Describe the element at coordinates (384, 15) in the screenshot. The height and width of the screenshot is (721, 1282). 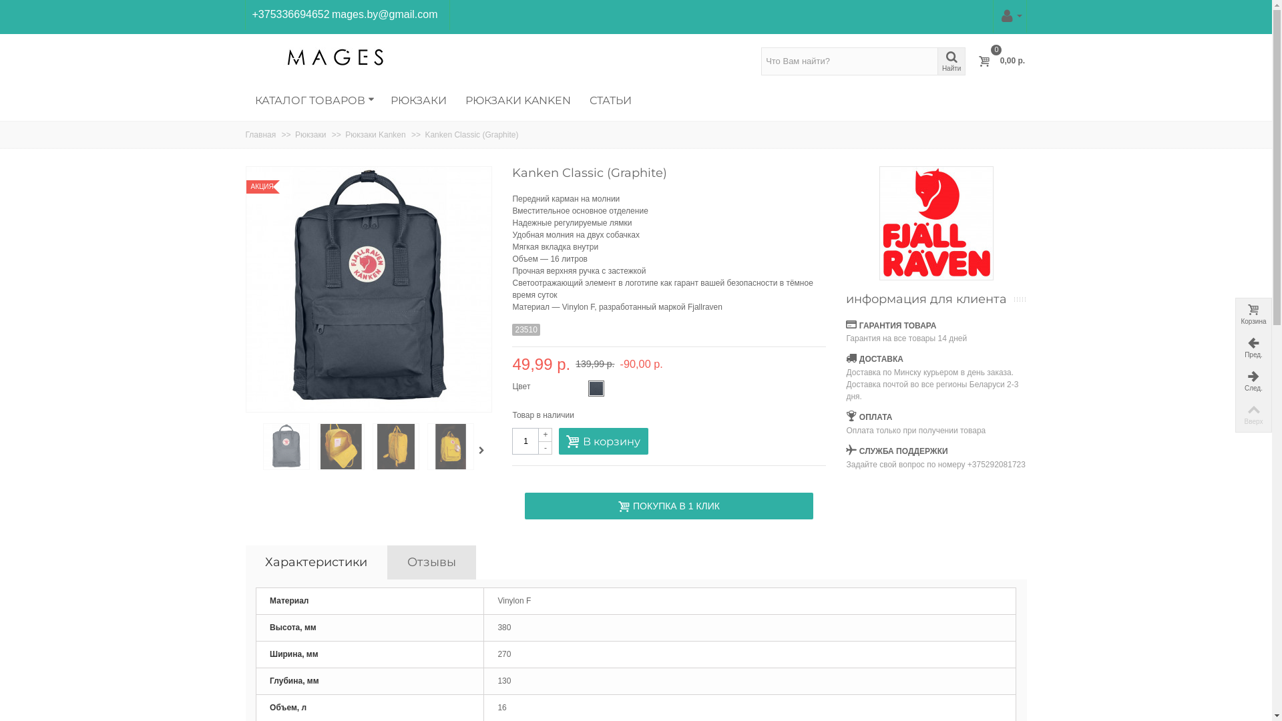
I see `'mages.by@gmail.com'` at that location.